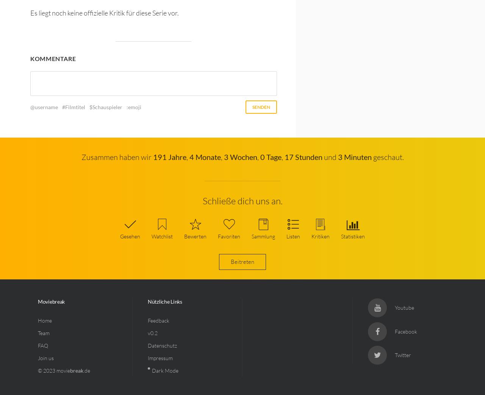 This screenshot has height=395, width=485. I want to click on '© 2023 movie', so click(53, 370).